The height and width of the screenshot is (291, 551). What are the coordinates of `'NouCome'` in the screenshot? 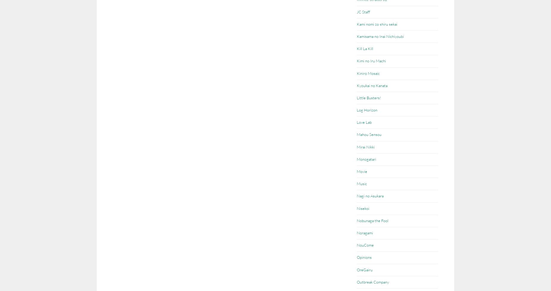 It's located at (357, 245).